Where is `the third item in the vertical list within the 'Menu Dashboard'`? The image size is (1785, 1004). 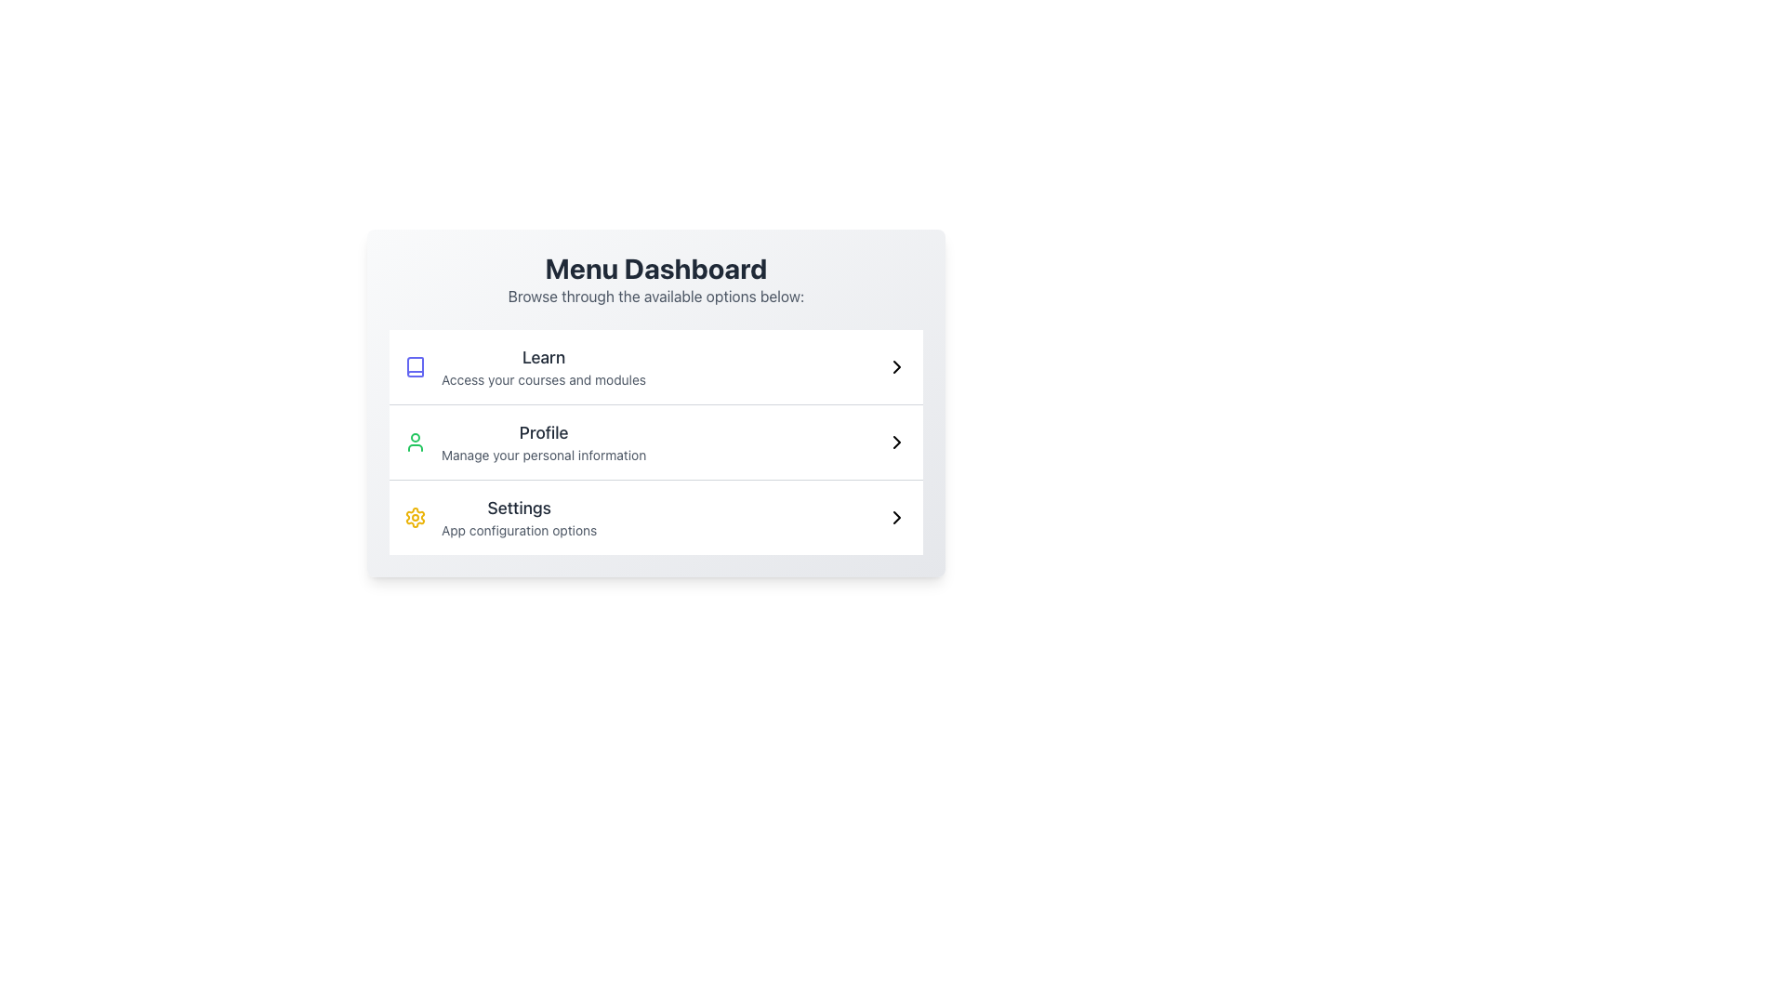 the third item in the vertical list within the 'Menu Dashboard' is located at coordinates (655, 517).